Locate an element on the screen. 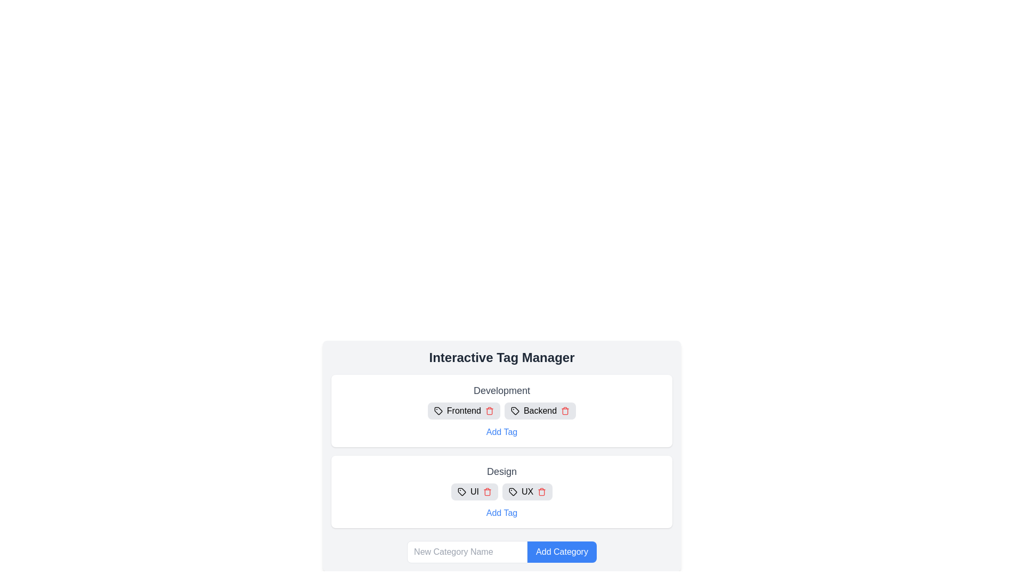  the text label displaying 'UIUX' which is framed with rounded edges and has a light gray background, positioned under the header 'Interactive Tag Manager' in the 'Design' section is located at coordinates (501, 492).